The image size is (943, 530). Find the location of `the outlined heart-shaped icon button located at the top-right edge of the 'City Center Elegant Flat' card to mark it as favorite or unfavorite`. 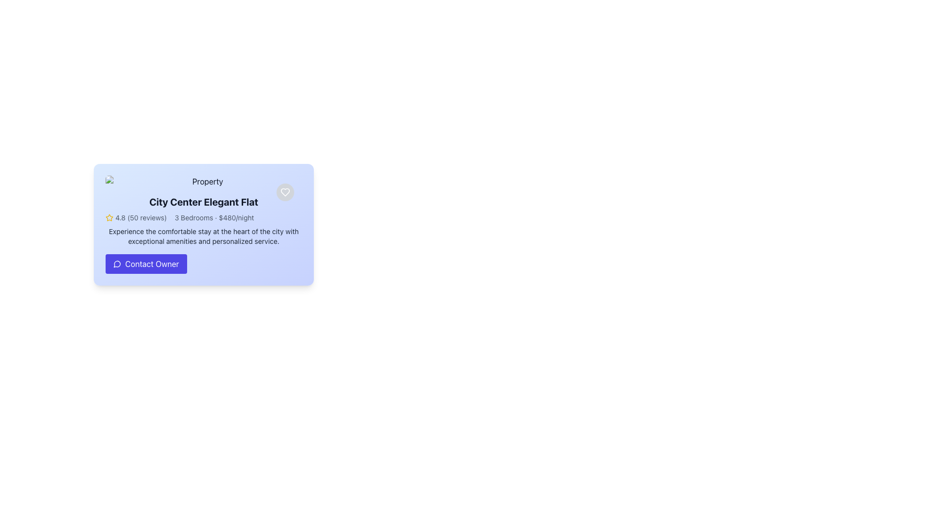

the outlined heart-shaped icon button located at the top-right edge of the 'City Center Elegant Flat' card to mark it as favorite or unfavorite is located at coordinates (284, 192).